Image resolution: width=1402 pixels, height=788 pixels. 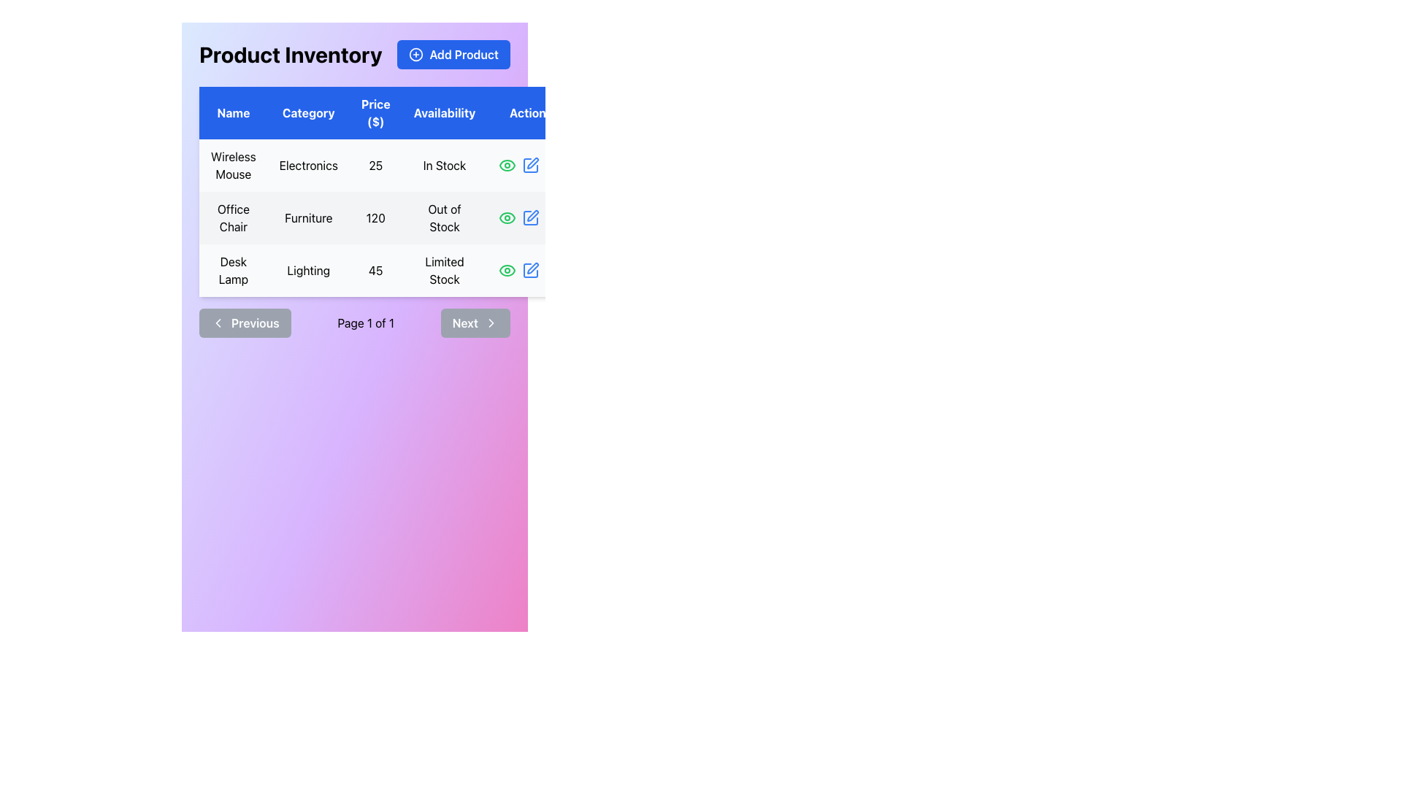 I want to click on the green eye icon button located in the second row of the table under the 'Actions' column for the item 'Office Chair', so click(x=507, y=218).